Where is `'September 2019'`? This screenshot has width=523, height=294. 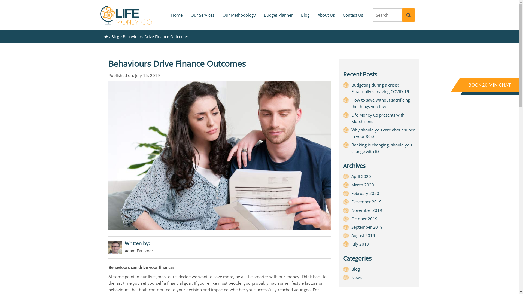
'September 2019' is located at coordinates (367, 227).